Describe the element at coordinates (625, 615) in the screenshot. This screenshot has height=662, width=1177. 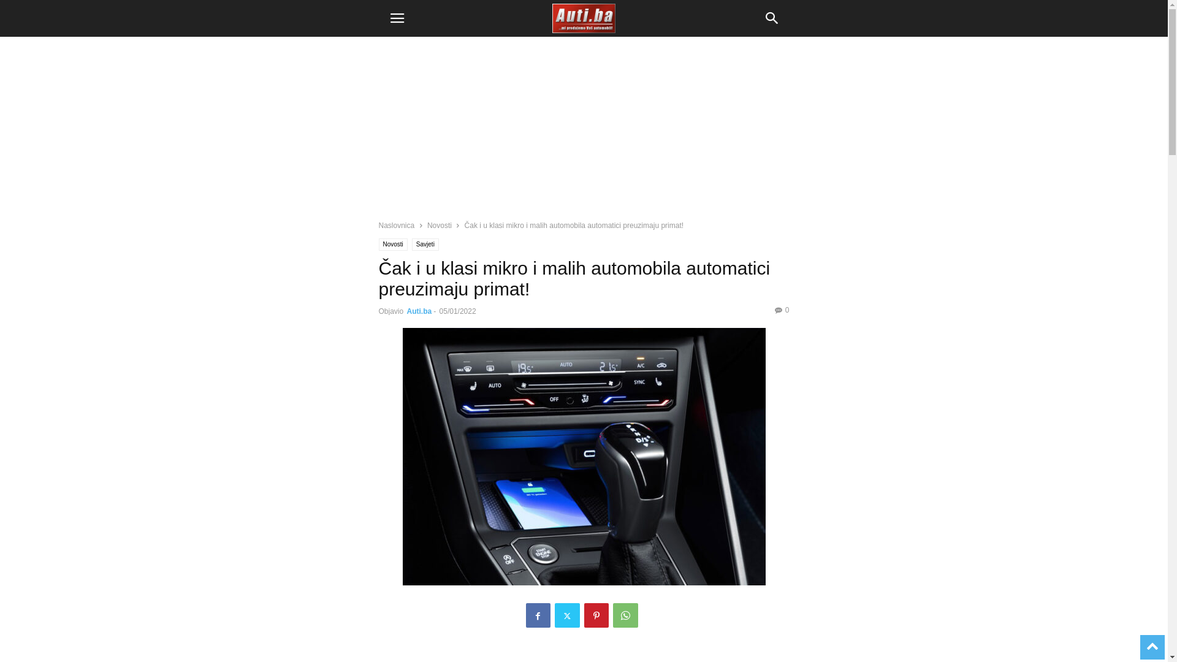
I see `'WhatsApp'` at that location.